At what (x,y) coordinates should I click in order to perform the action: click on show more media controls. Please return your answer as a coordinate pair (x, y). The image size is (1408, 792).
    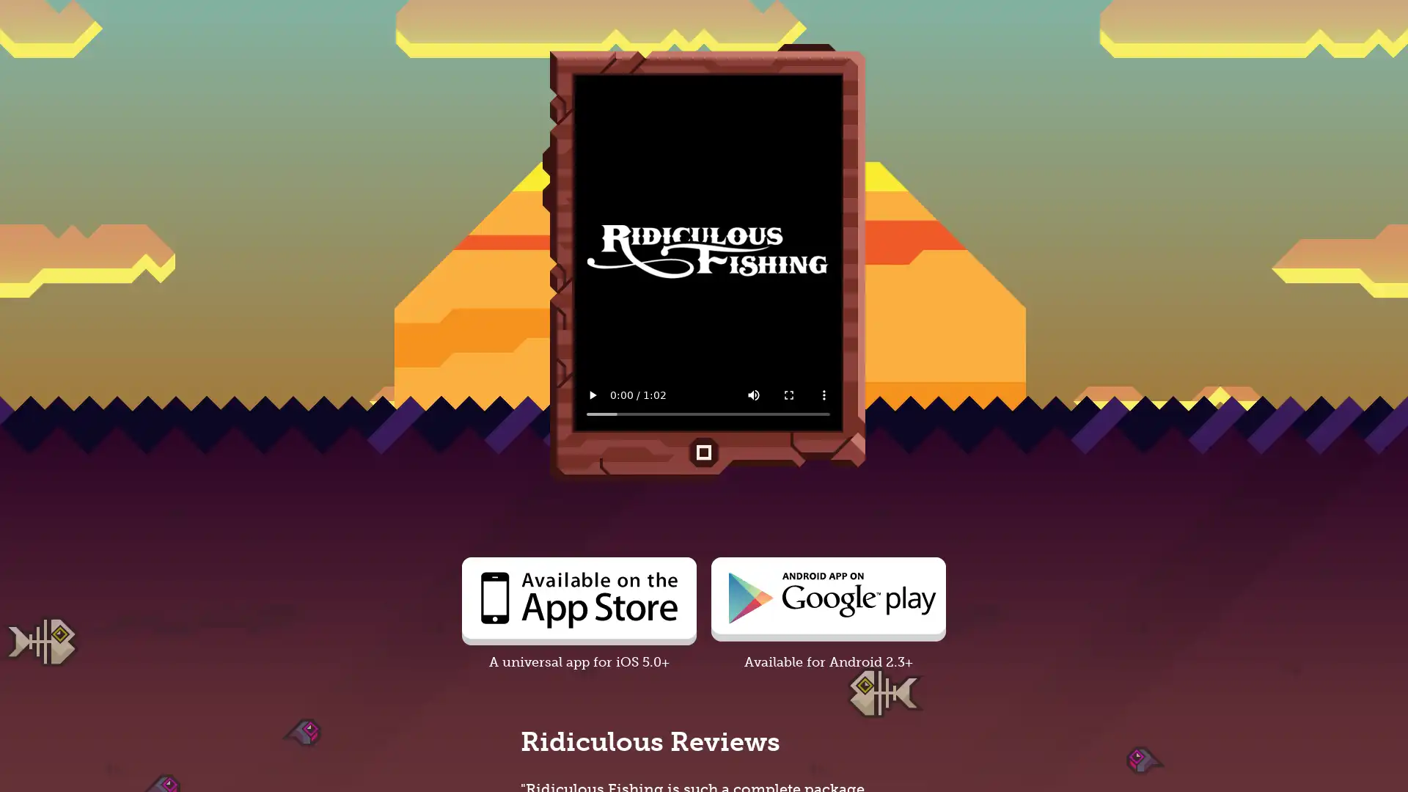
    Looking at the image, I should click on (824, 395).